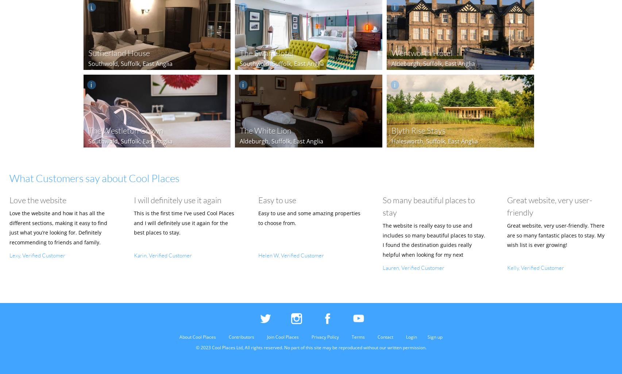 The image size is (622, 374). What do you see at coordinates (283, 336) in the screenshot?
I see `'Join Cool Places'` at bounding box center [283, 336].